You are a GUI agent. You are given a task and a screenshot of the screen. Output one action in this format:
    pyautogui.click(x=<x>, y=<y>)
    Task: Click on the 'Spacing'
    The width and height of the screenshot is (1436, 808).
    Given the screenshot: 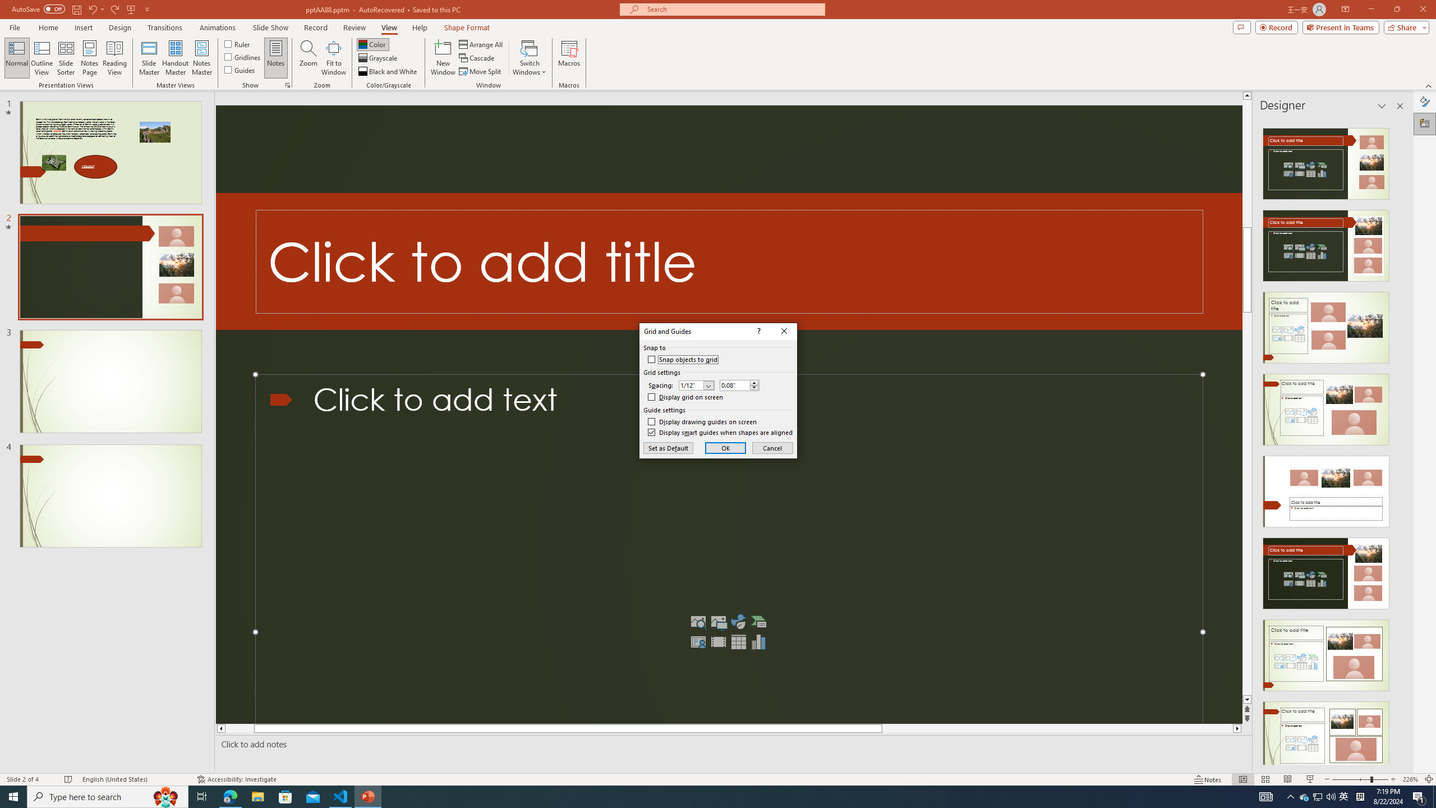 What is the action you would take?
    pyautogui.click(x=697, y=384)
    